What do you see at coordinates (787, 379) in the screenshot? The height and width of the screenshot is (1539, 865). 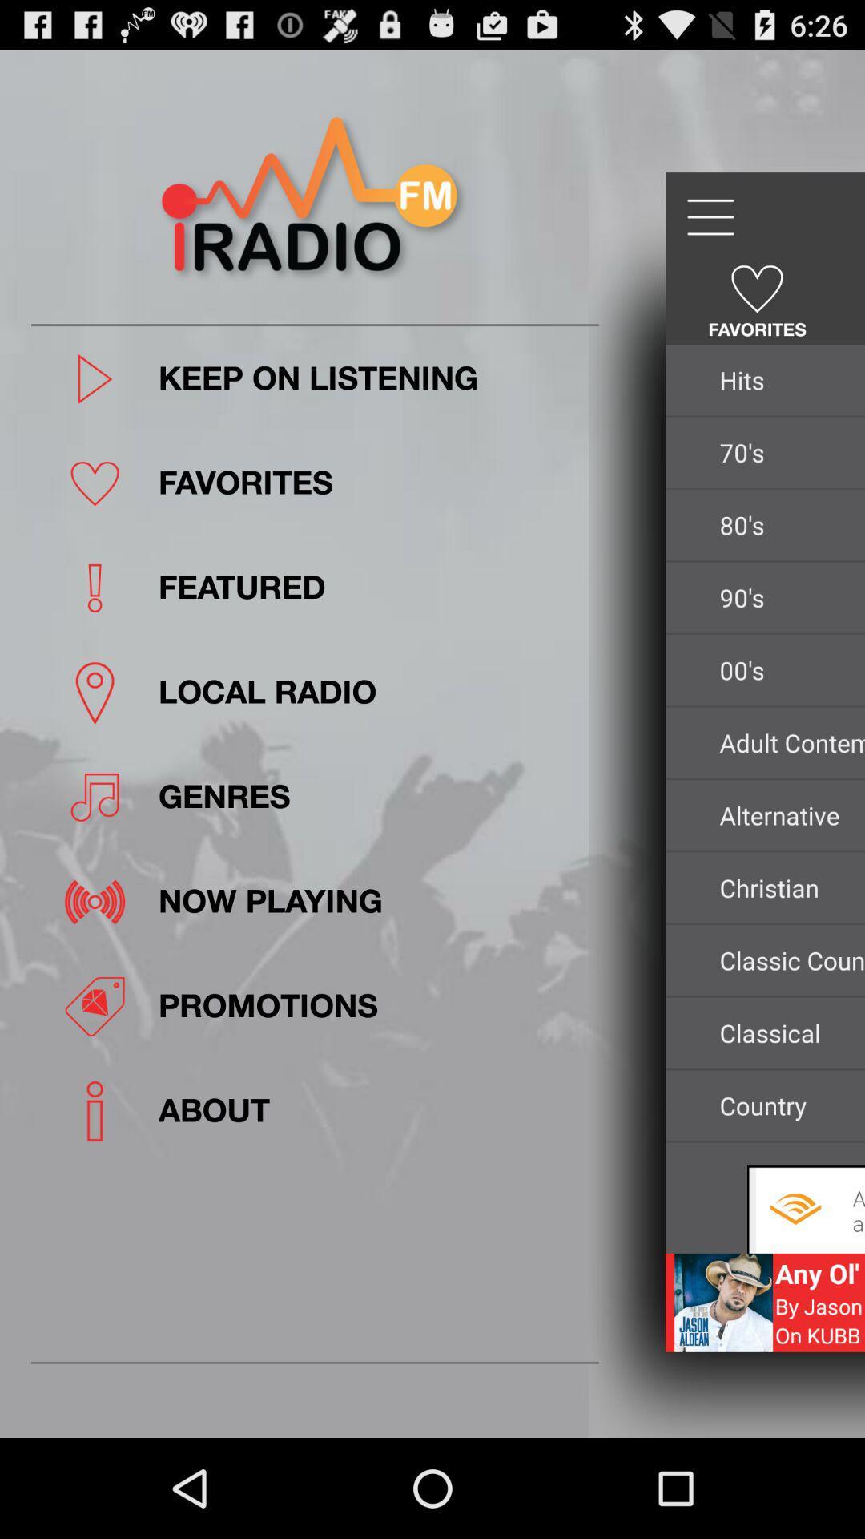 I see `icon to the right of keep on listening icon` at bounding box center [787, 379].